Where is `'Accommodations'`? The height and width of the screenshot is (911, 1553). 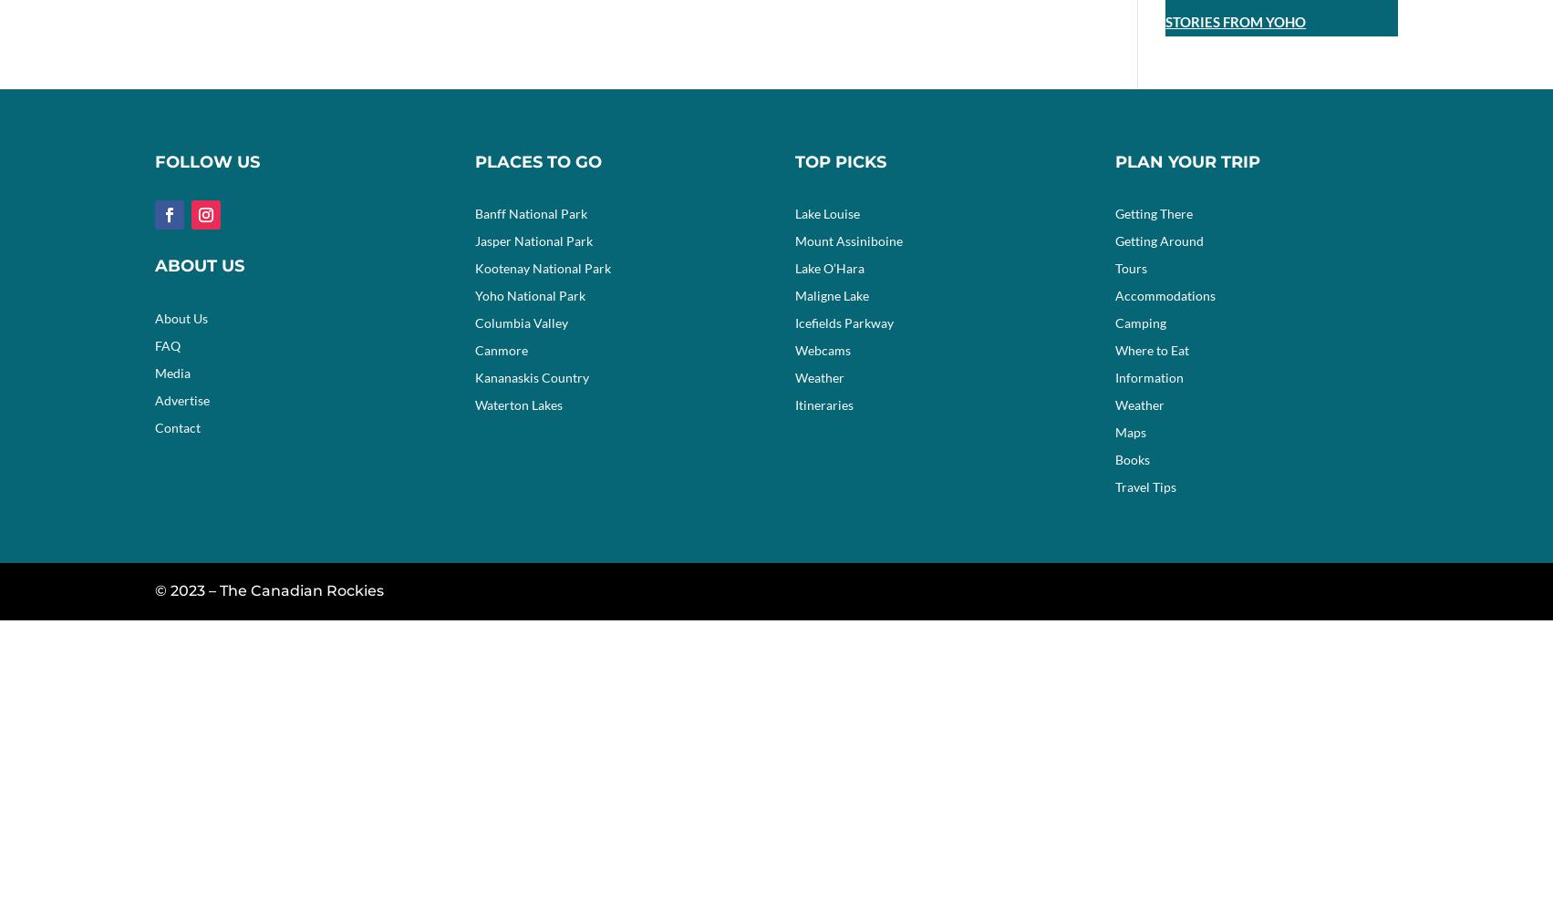
'Accommodations' is located at coordinates (1164, 294).